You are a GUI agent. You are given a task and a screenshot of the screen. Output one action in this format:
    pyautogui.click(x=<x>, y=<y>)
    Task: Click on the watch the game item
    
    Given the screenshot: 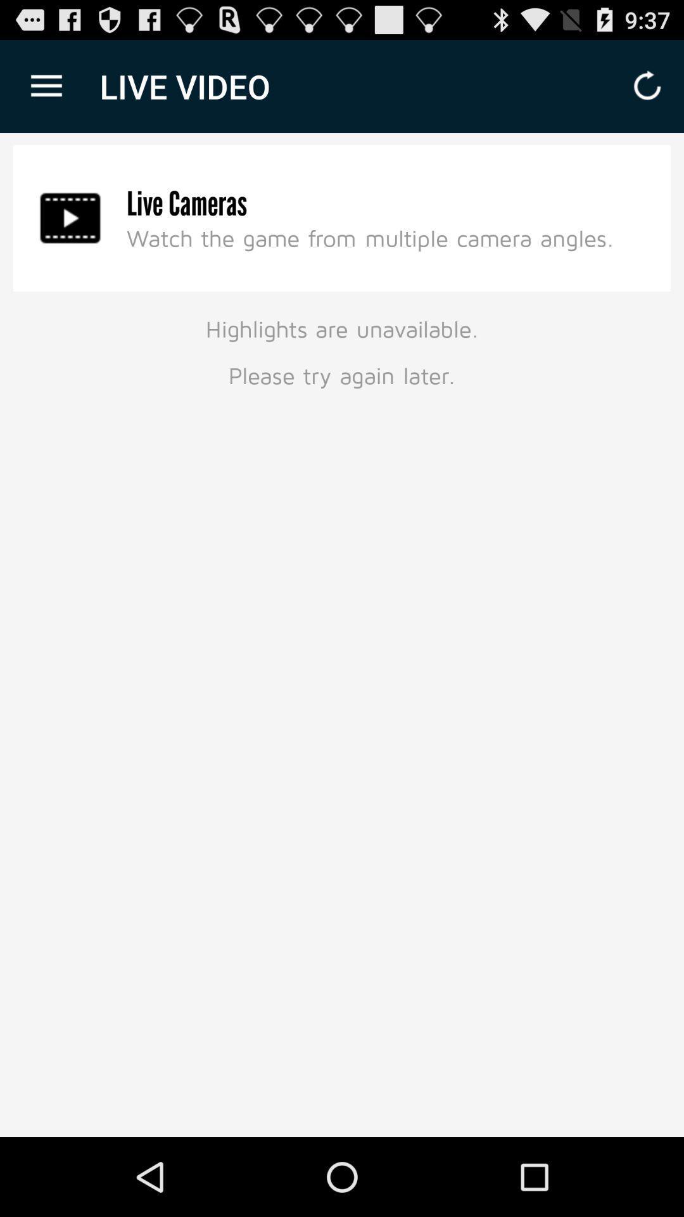 What is the action you would take?
    pyautogui.click(x=370, y=238)
    